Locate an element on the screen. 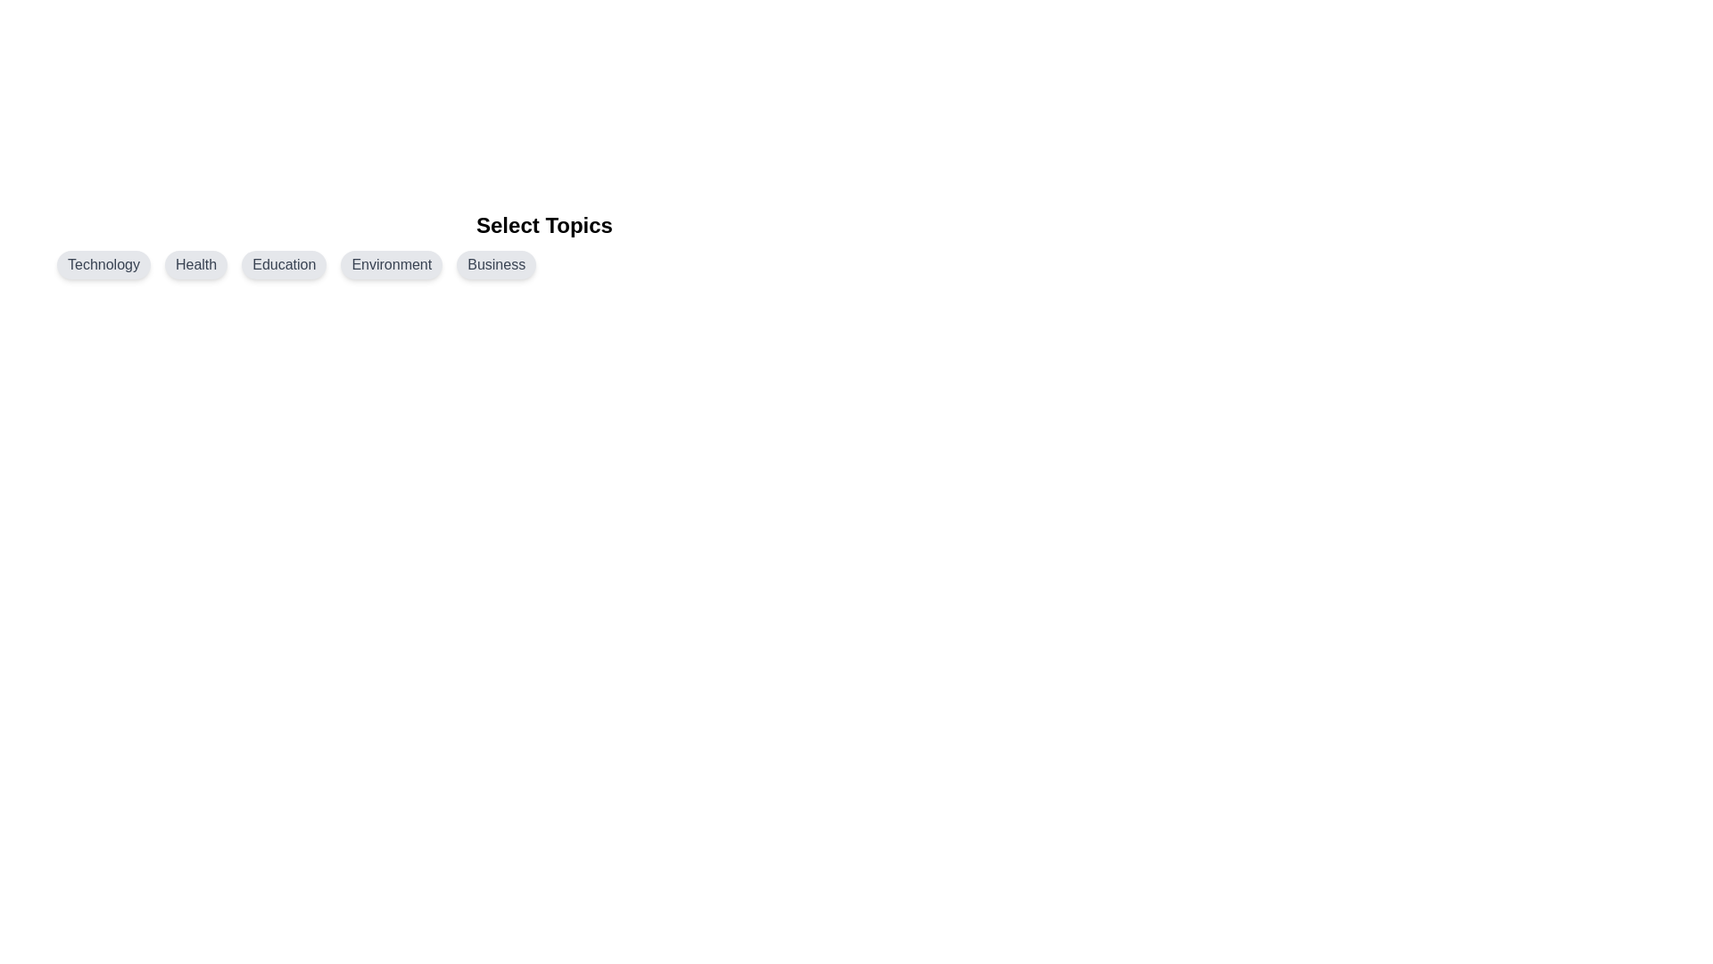 The height and width of the screenshot is (964, 1713). the topic chip labeled Health by clicking on it is located at coordinates (196, 265).